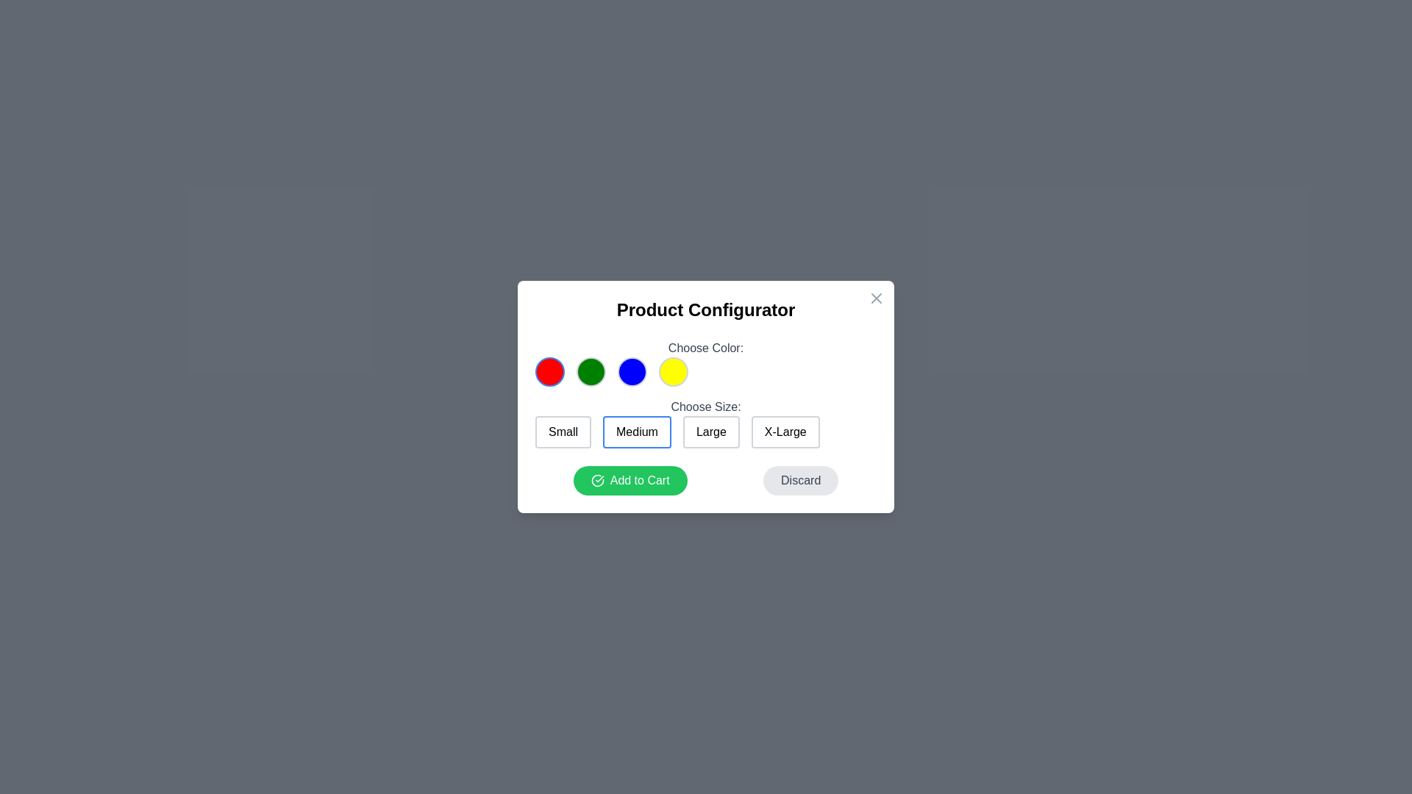  Describe the element at coordinates (711, 431) in the screenshot. I see `the 'Large' size button located in the third position of four buttons aligned below the 'Choose Size:' label in the 'Product Configurator' modal` at that location.